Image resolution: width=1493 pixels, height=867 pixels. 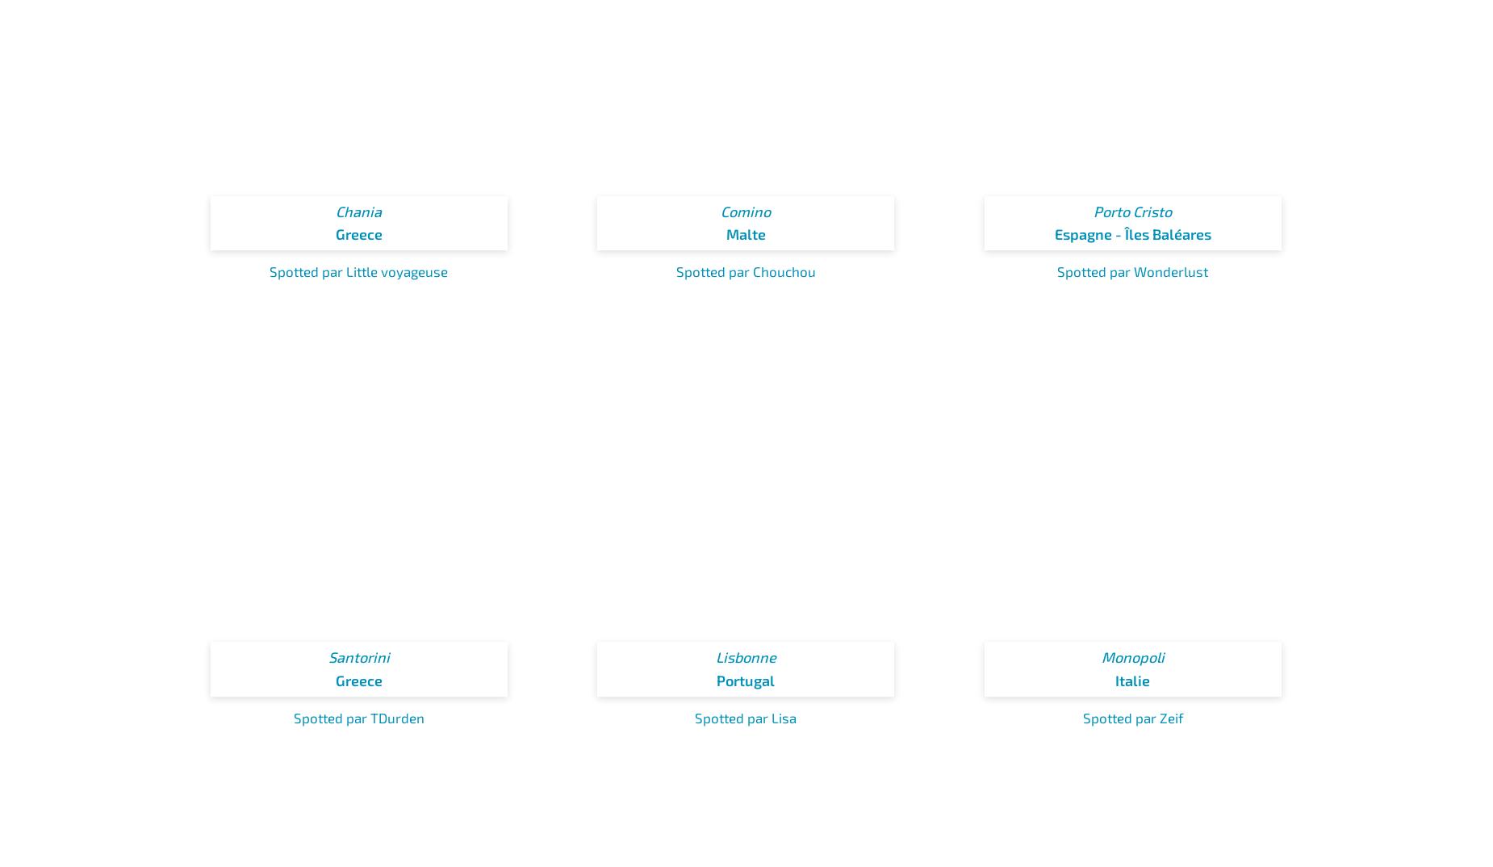 I want to click on 'Monopoli', so click(x=1132, y=656).